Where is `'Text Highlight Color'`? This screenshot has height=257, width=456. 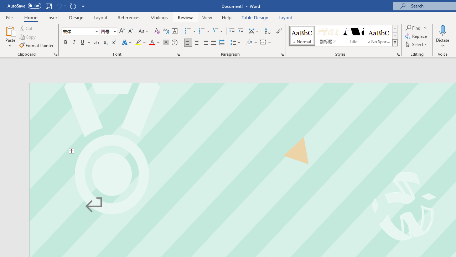 'Text Highlight Color' is located at coordinates (141, 42).